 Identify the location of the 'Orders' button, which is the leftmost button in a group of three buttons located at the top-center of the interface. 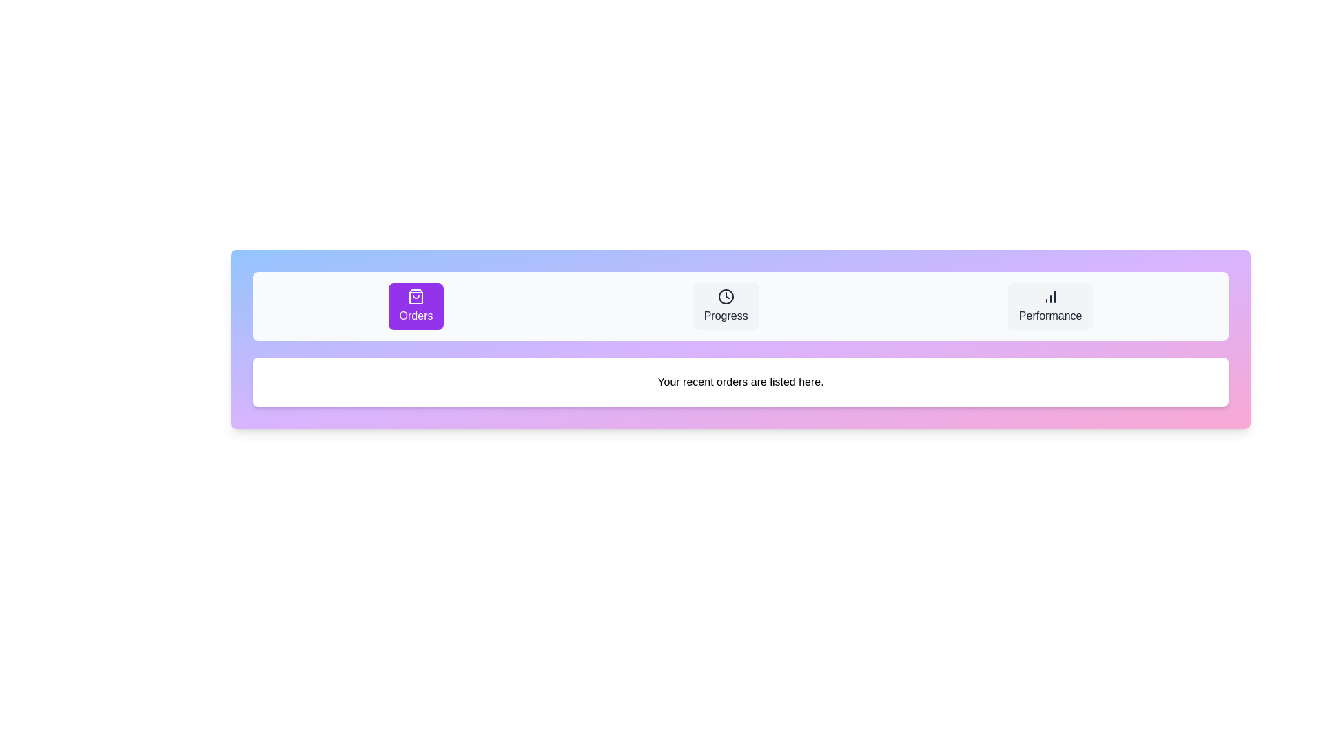
(416, 305).